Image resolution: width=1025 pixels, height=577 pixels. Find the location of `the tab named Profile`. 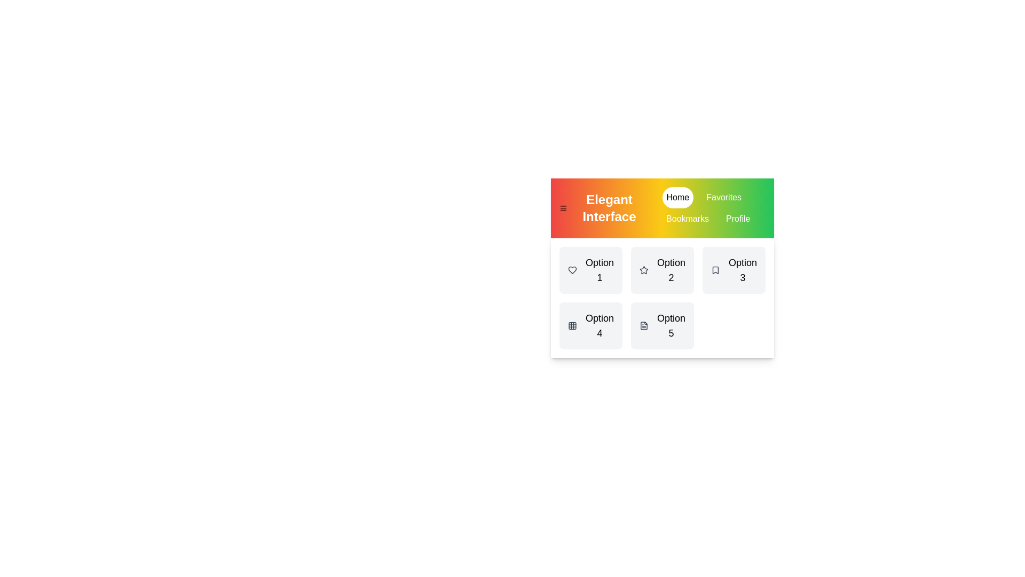

the tab named Profile is located at coordinates (737, 218).